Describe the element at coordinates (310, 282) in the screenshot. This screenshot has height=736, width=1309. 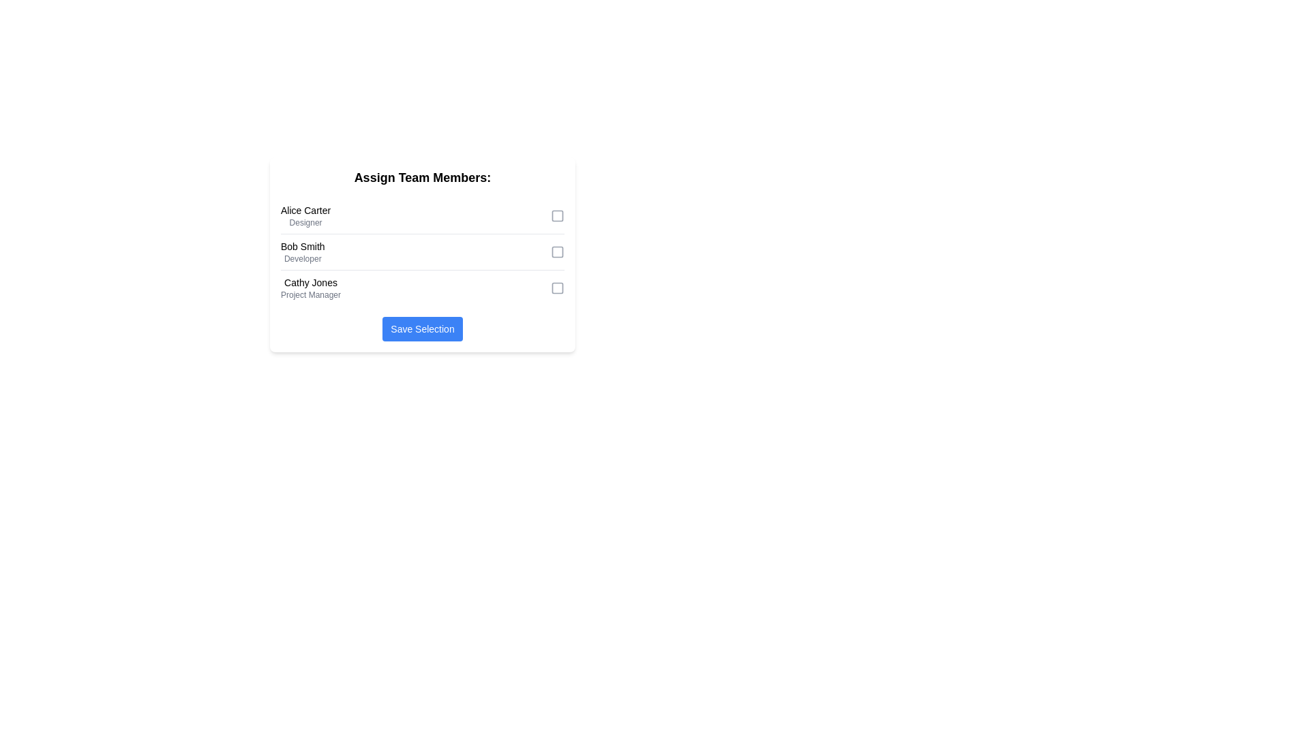
I see `the text label displaying 'Cathy Jones' in bold style, located in the 'Assign Team Members' dialogue box, specifically the first line of the third entry` at that location.